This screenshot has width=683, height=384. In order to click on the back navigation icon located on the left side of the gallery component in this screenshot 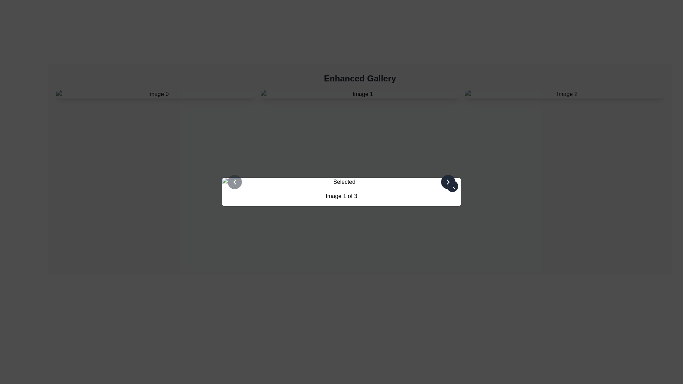, I will do `click(235, 182)`.